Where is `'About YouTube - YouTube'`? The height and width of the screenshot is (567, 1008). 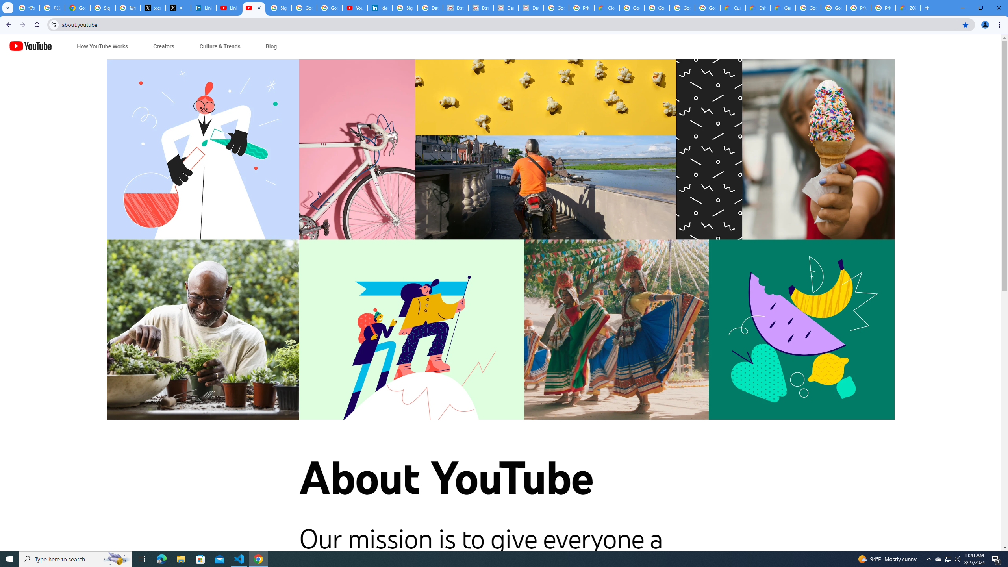
'About YouTube - YouTube' is located at coordinates (254, 7).